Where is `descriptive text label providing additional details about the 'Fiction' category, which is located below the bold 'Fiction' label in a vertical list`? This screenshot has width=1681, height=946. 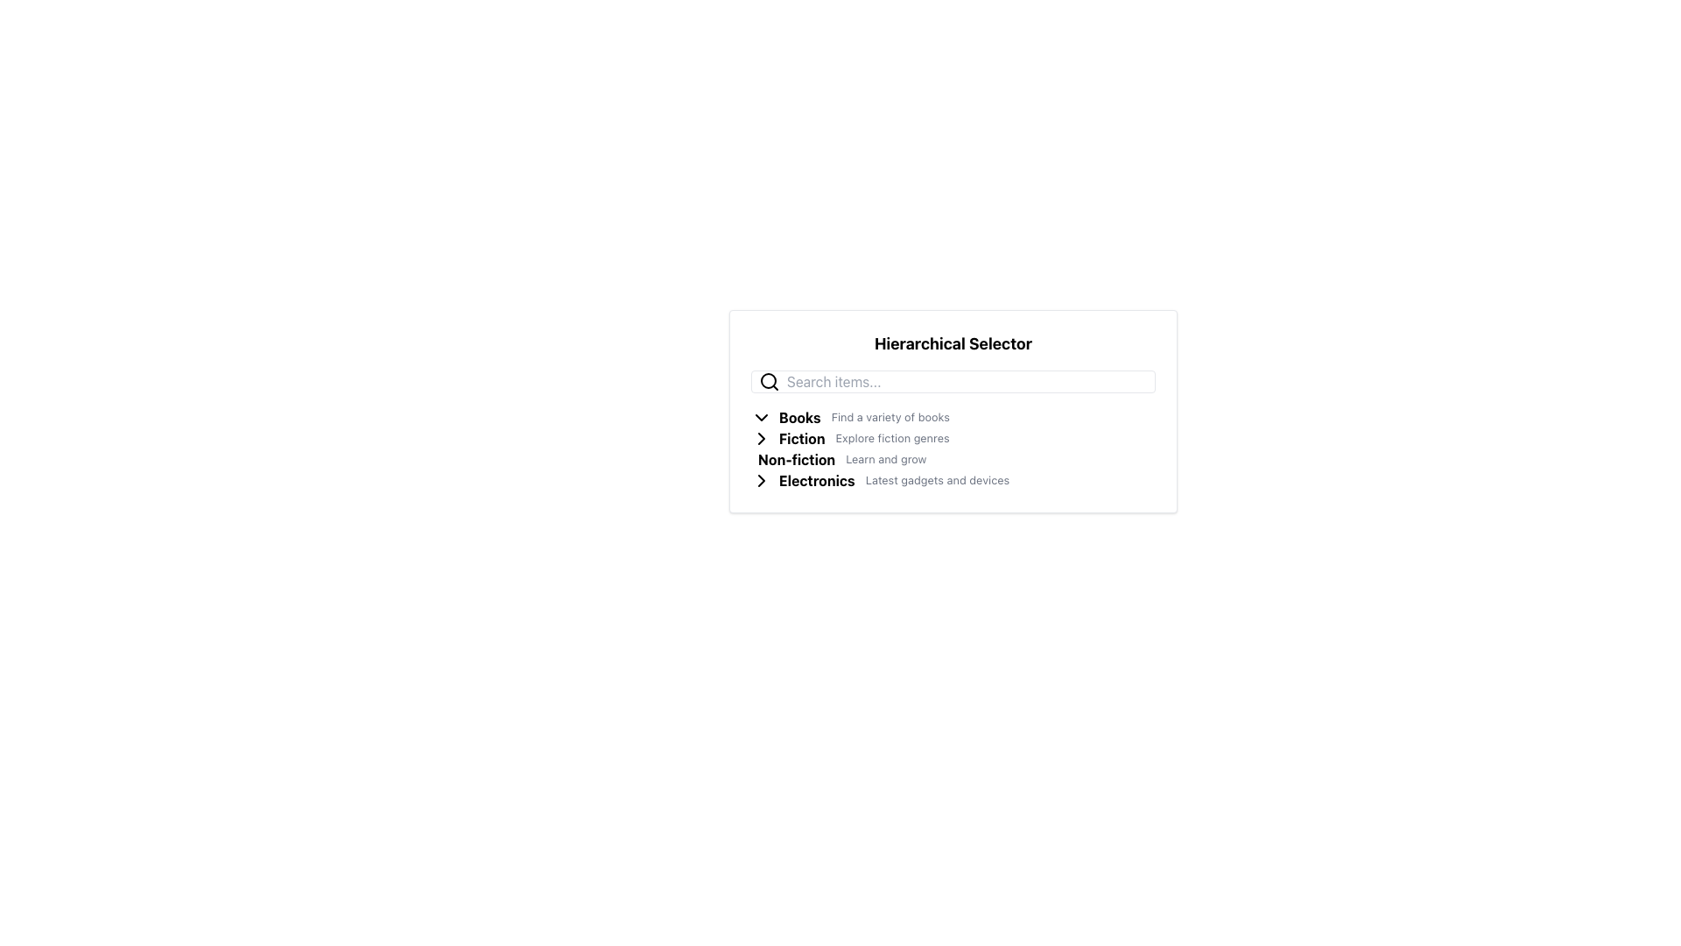
descriptive text label providing additional details about the 'Fiction' category, which is located below the bold 'Fiction' label in a vertical list is located at coordinates (892, 438).